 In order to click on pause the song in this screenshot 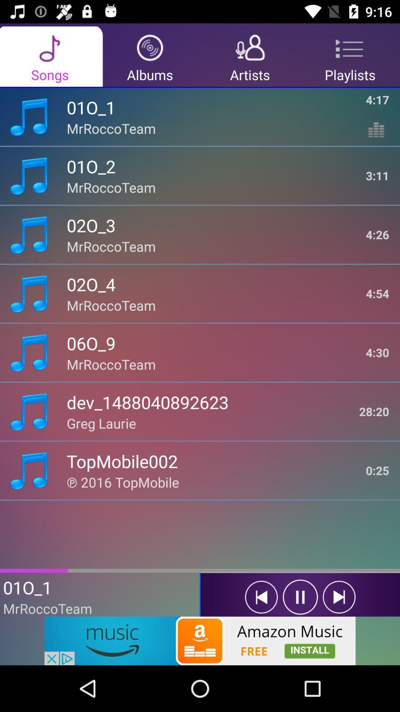, I will do `click(300, 597)`.